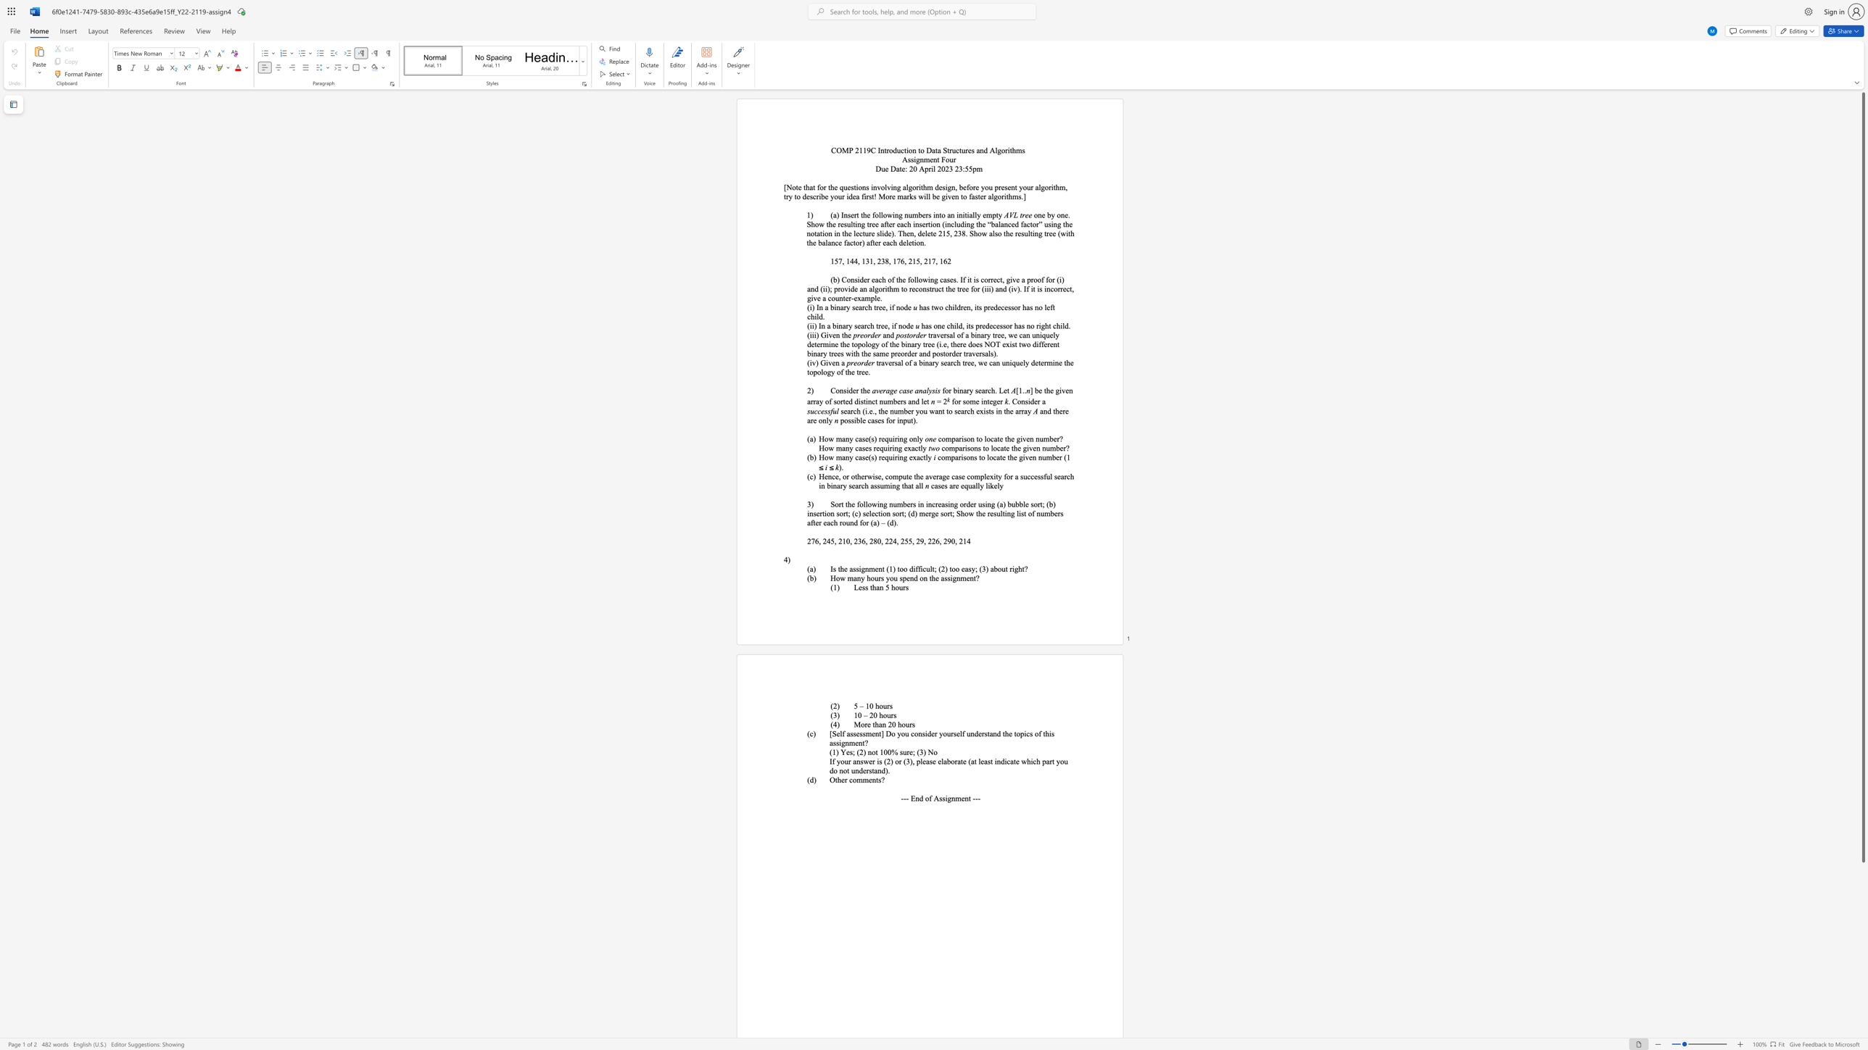 The image size is (1868, 1050). What do you see at coordinates (1043, 335) in the screenshot?
I see `the 1th character "q" in the text` at bounding box center [1043, 335].